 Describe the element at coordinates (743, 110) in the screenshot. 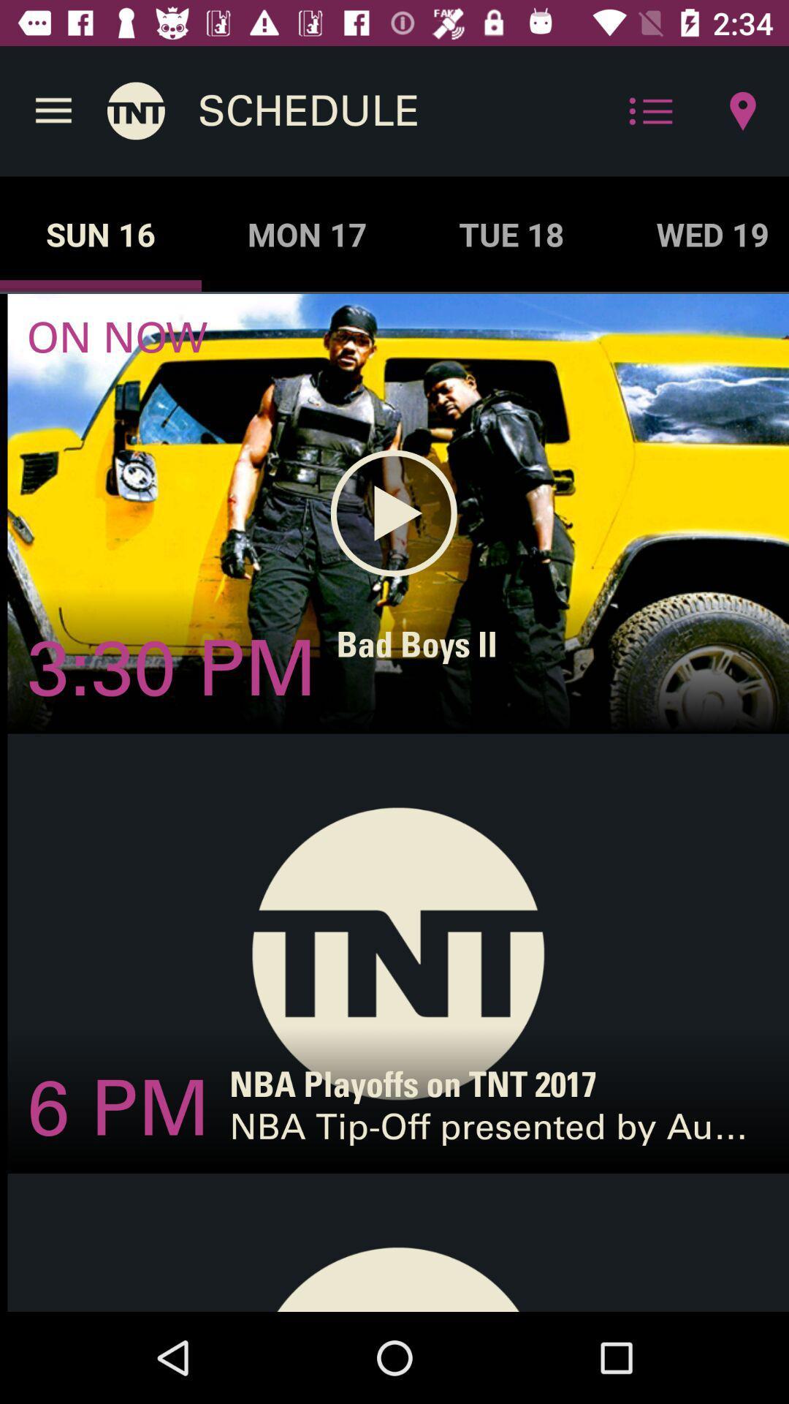

I see `the app above wed 19 icon` at that location.